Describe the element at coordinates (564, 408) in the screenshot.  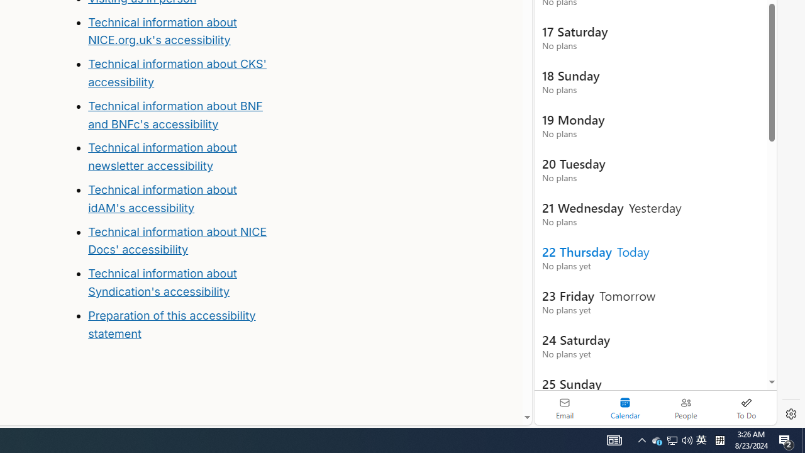
I see `'Email'` at that location.